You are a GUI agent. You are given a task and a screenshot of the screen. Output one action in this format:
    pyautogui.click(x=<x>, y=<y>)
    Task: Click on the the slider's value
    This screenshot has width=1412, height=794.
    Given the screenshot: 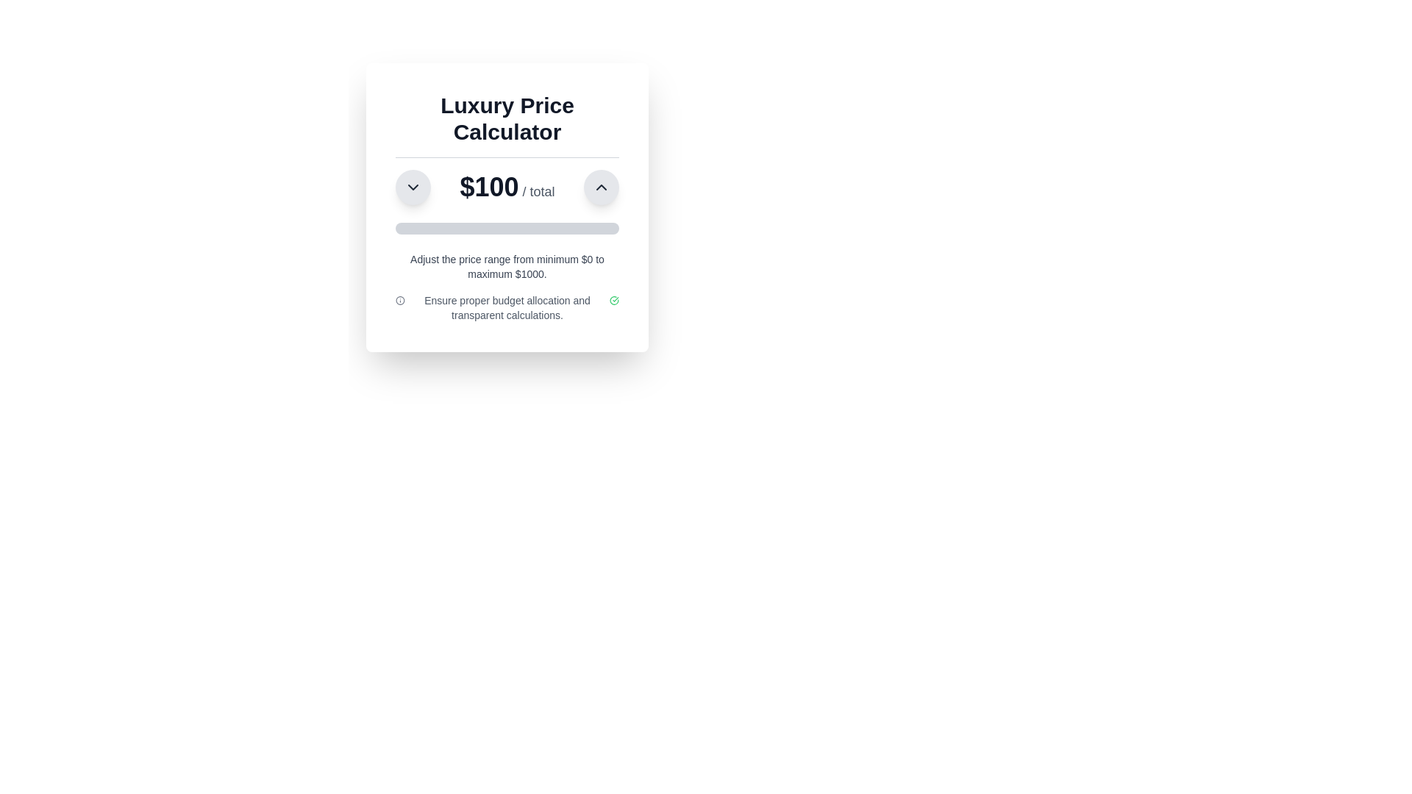 What is the action you would take?
    pyautogui.click(x=411, y=229)
    